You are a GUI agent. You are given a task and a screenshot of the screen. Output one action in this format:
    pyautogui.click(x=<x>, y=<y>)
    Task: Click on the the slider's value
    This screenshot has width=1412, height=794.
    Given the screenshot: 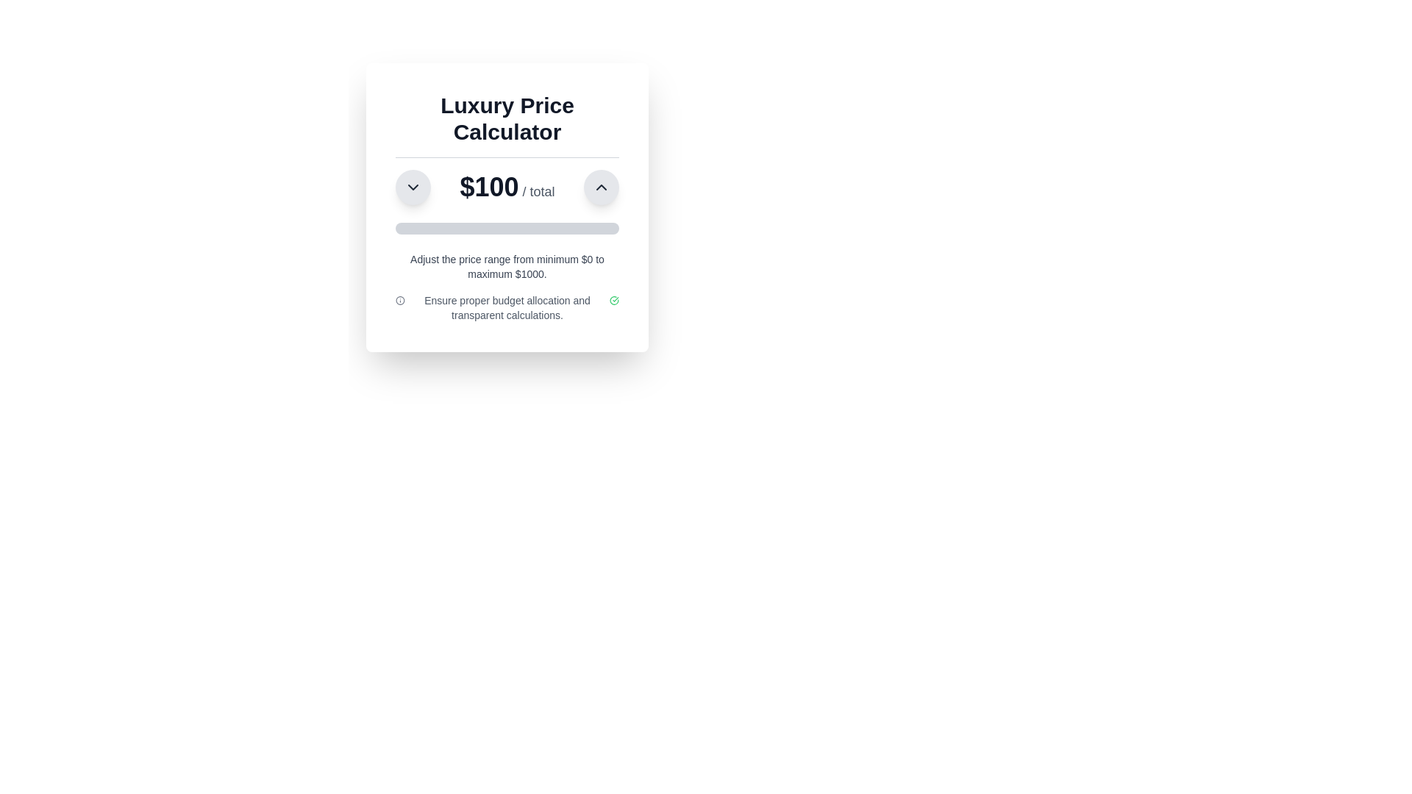 What is the action you would take?
    pyautogui.click(x=411, y=229)
    